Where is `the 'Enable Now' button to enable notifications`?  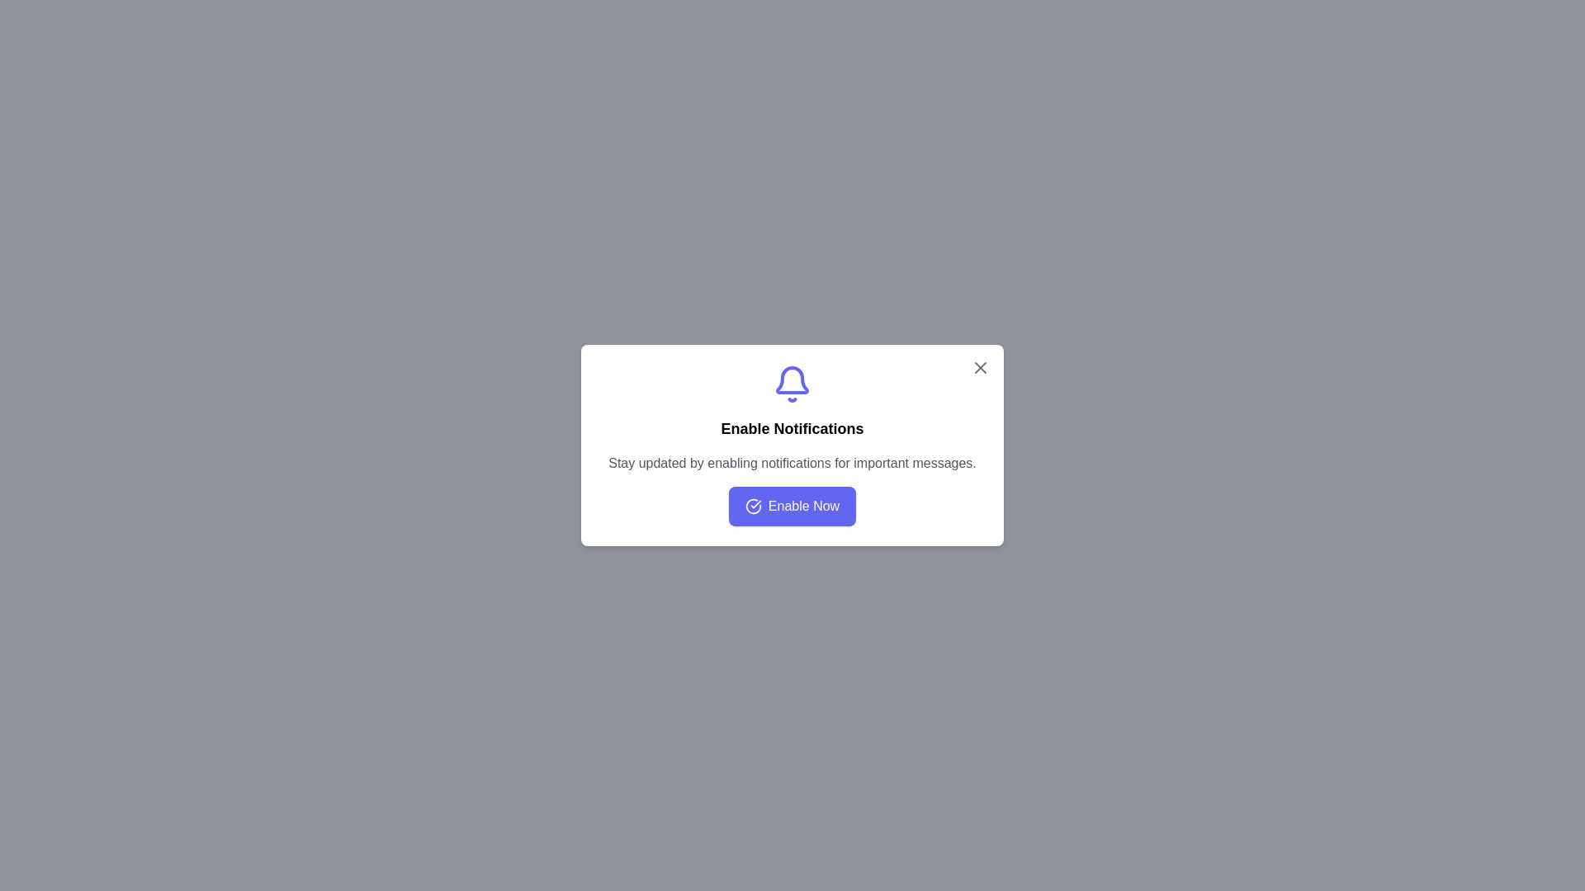 the 'Enable Now' button to enable notifications is located at coordinates (792, 505).